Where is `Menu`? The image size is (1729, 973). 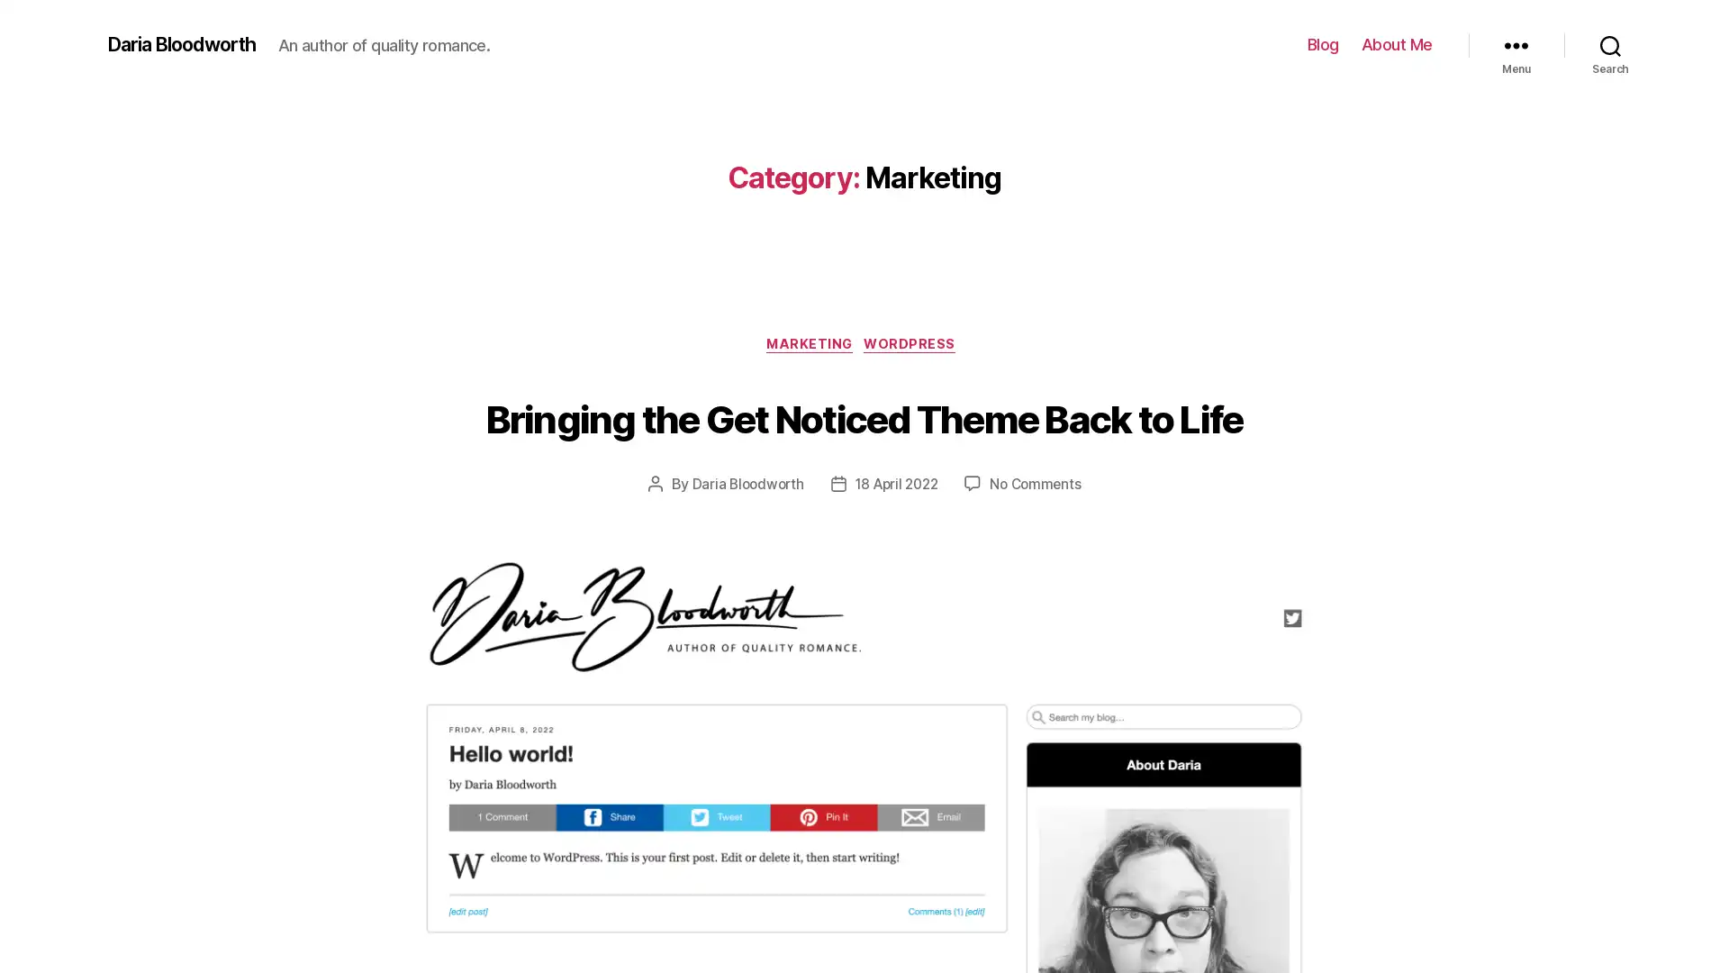 Menu is located at coordinates (1516, 44).